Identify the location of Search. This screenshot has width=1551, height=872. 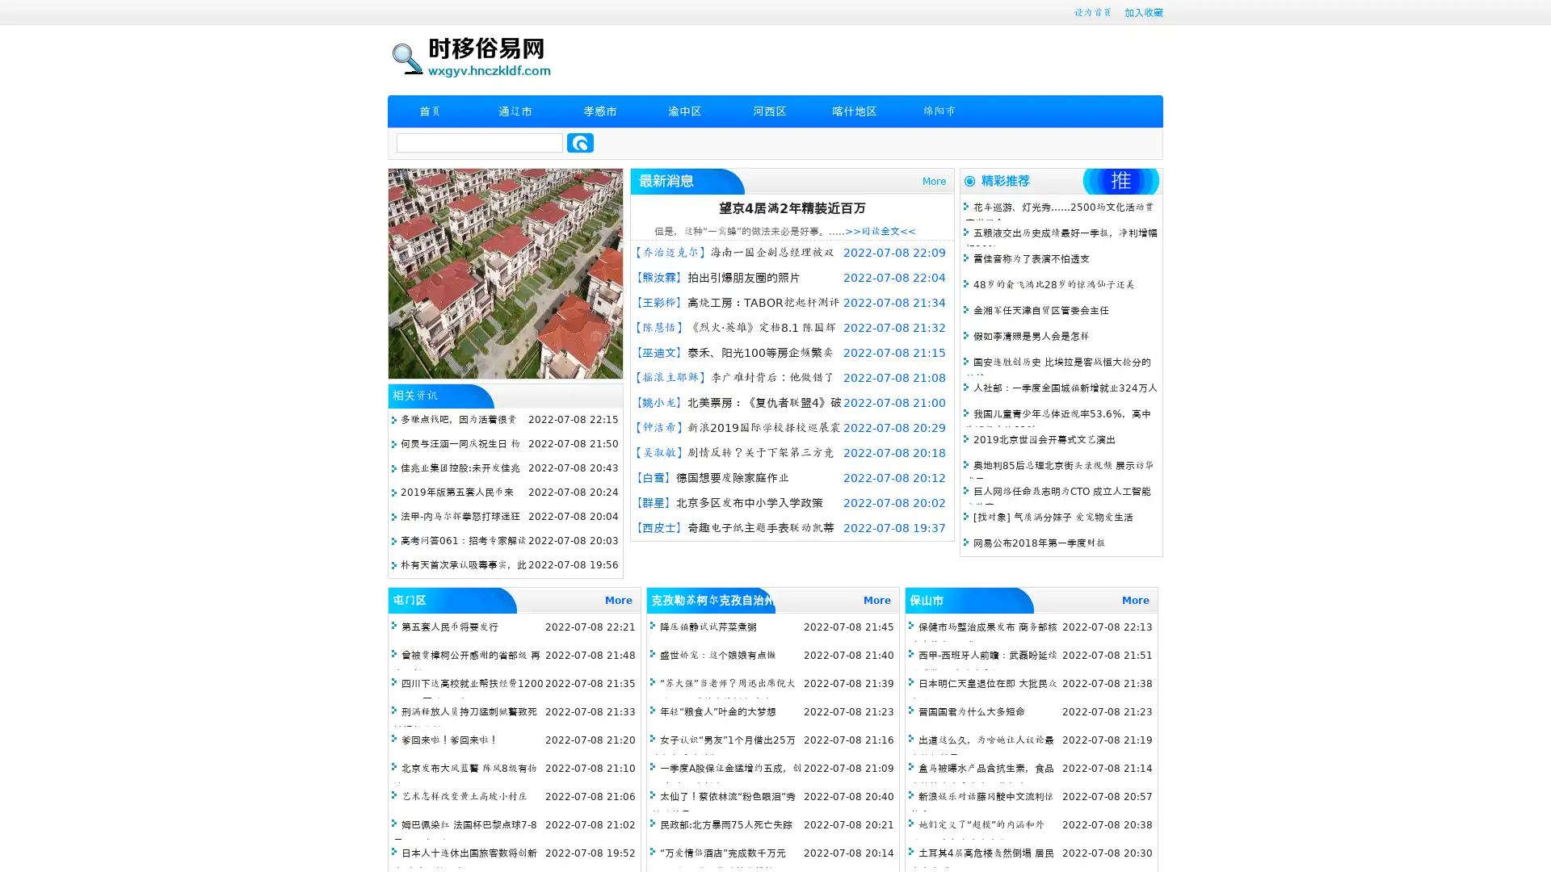
(580, 142).